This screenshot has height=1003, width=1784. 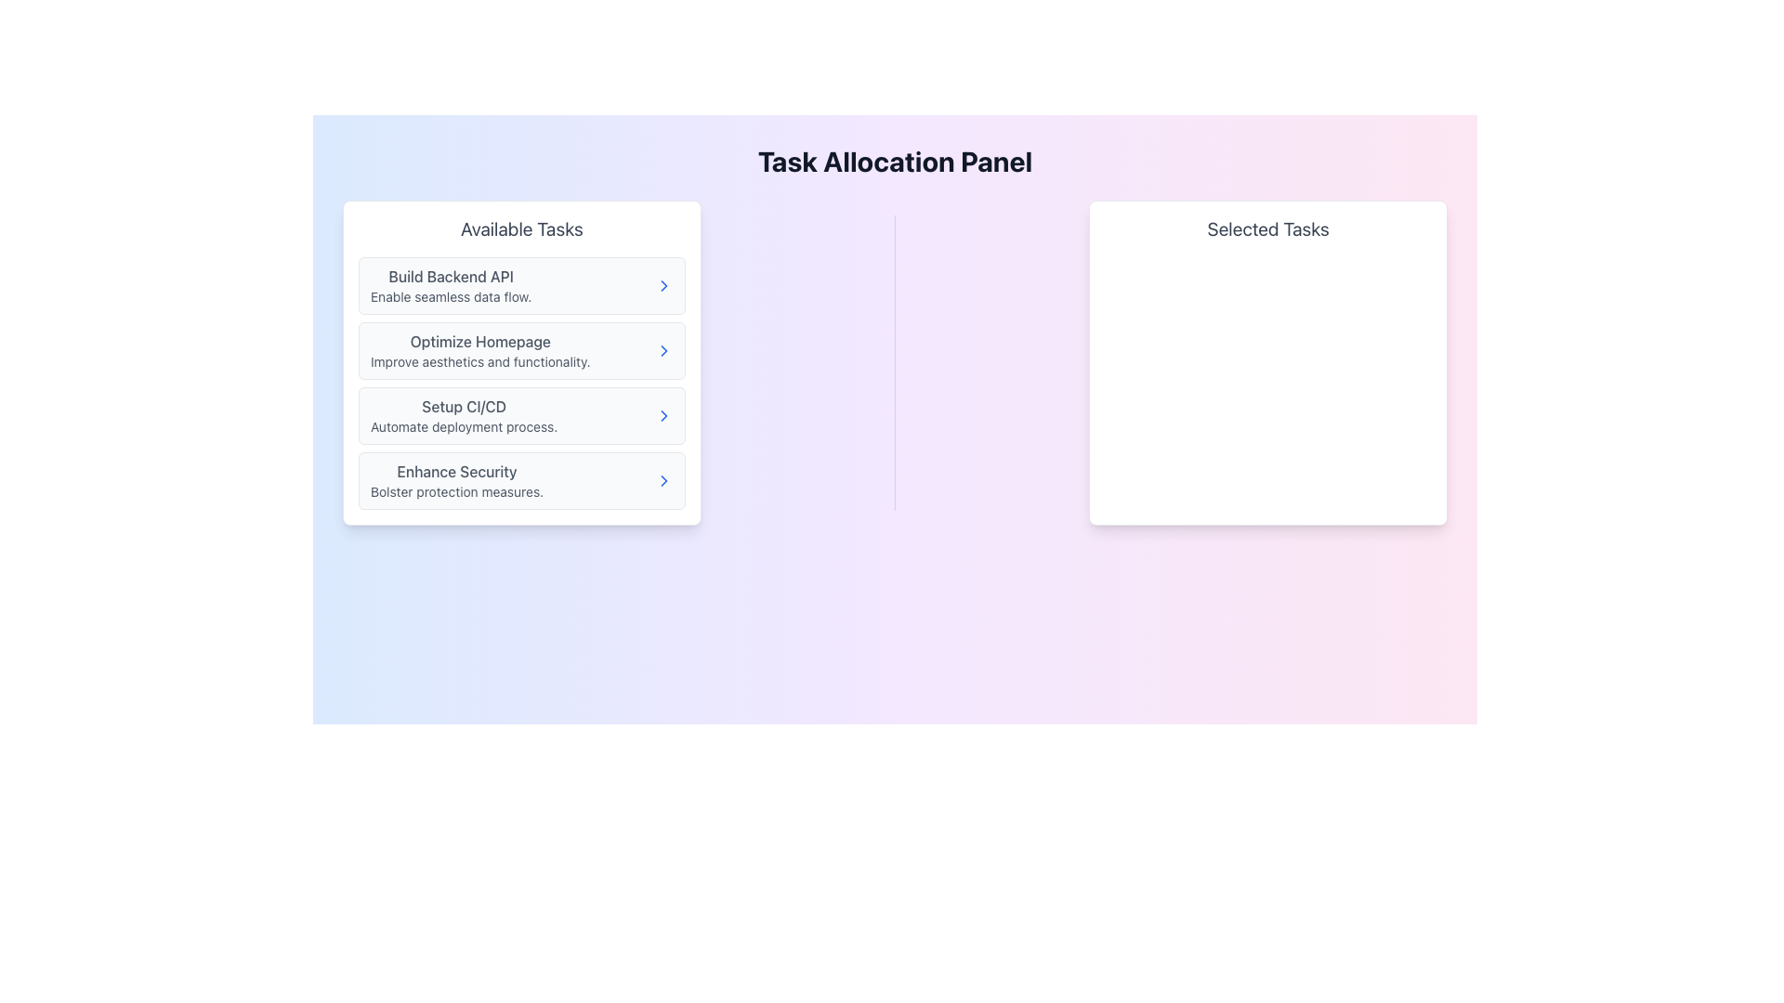 What do you see at coordinates (451, 276) in the screenshot?
I see `the text label indicating the task involves building a backend API` at bounding box center [451, 276].